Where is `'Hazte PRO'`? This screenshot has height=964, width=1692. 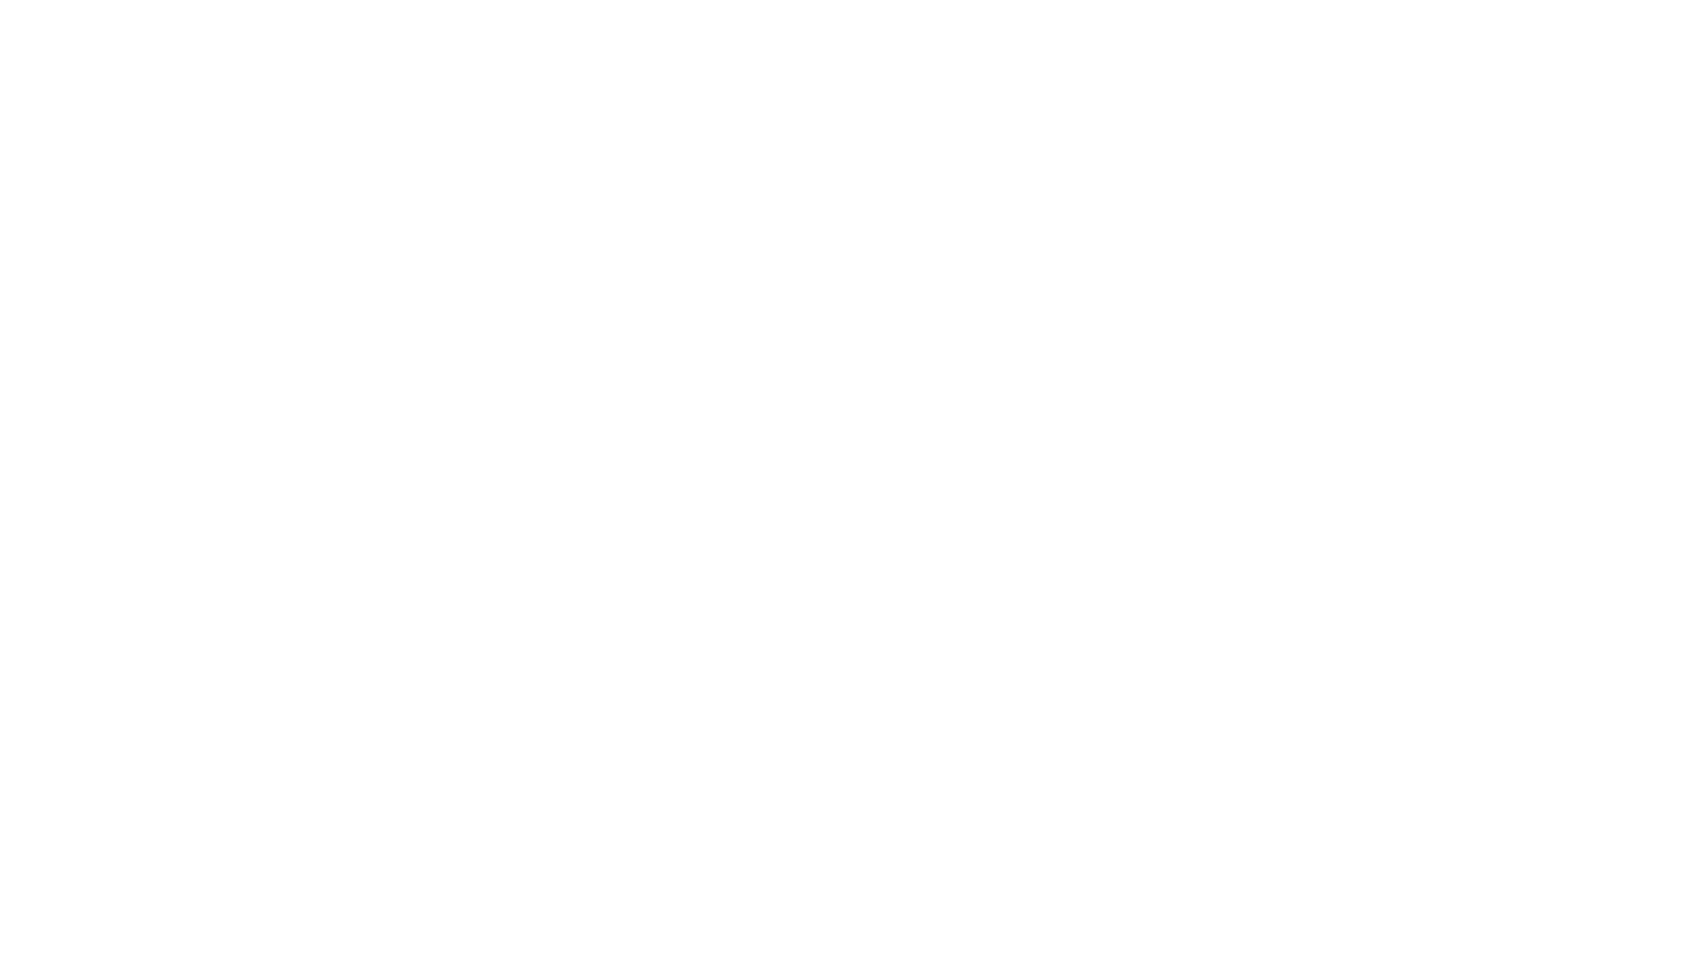
'Hazte PRO' is located at coordinates (184, 768).